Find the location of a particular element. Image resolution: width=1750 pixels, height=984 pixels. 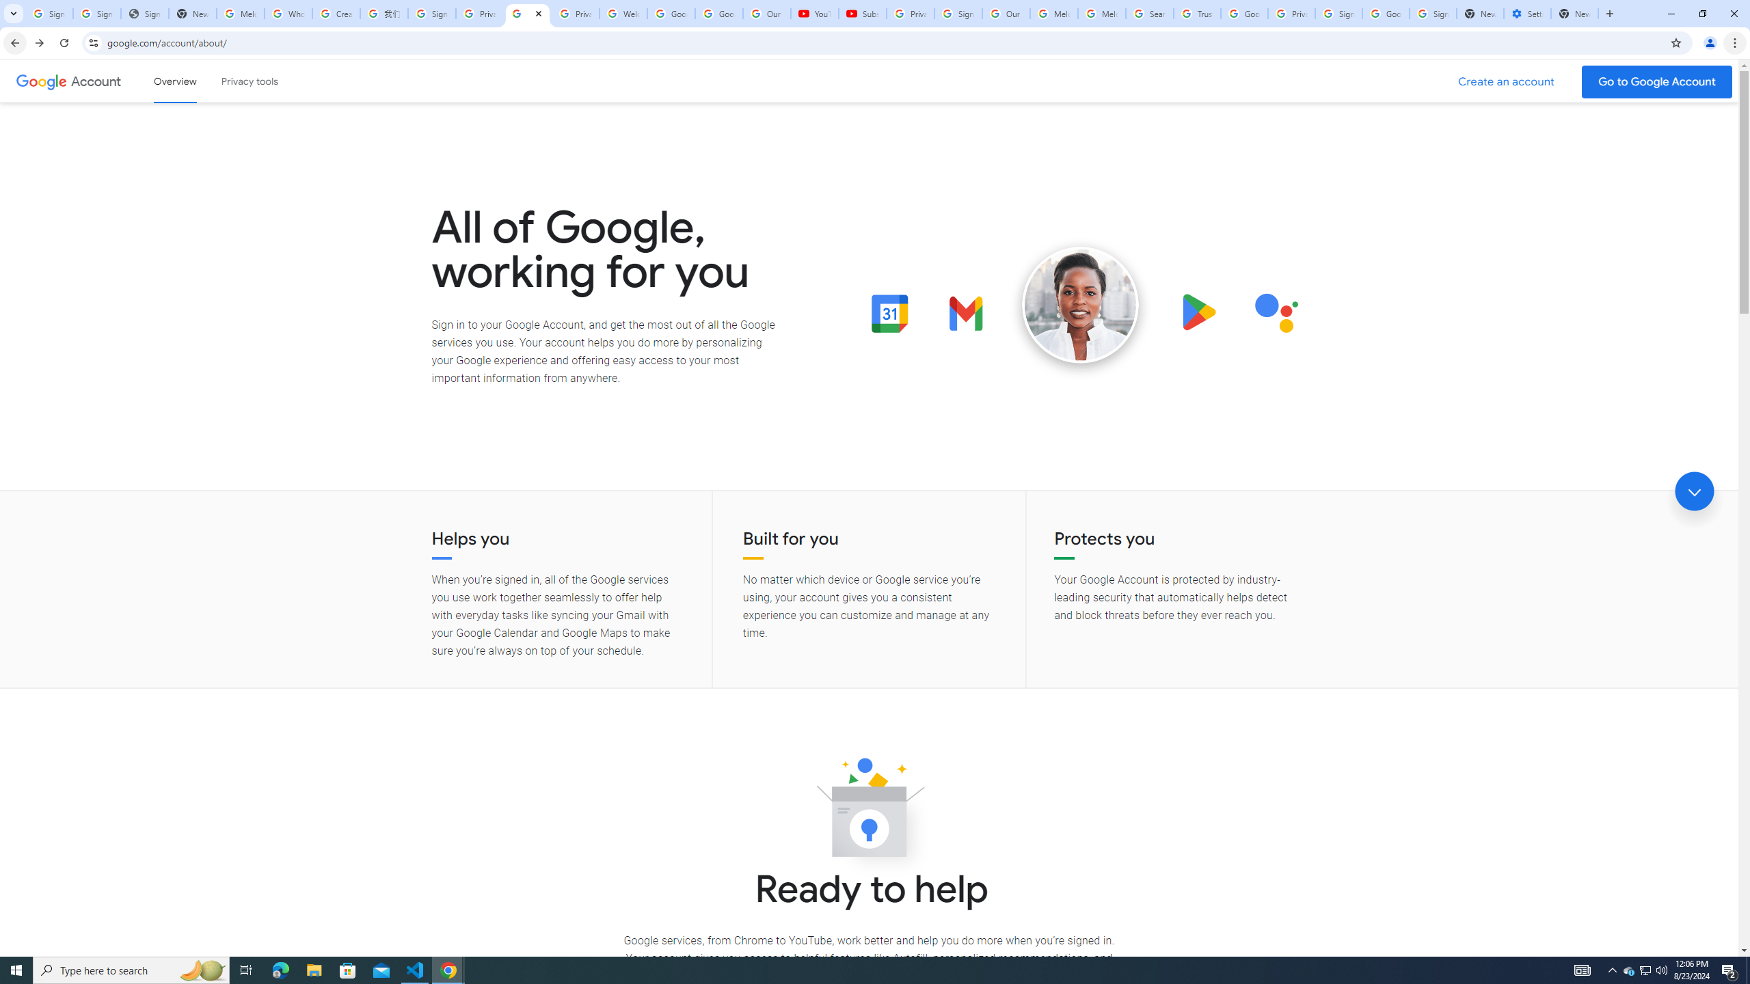

'Google Cybersecurity Innovations - Google Safety Center' is located at coordinates (1385, 13).